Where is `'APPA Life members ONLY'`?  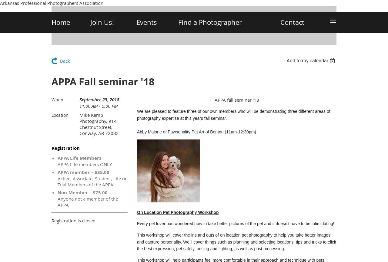
'APPA Life members ONLY' is located at coordinates (84, 164).